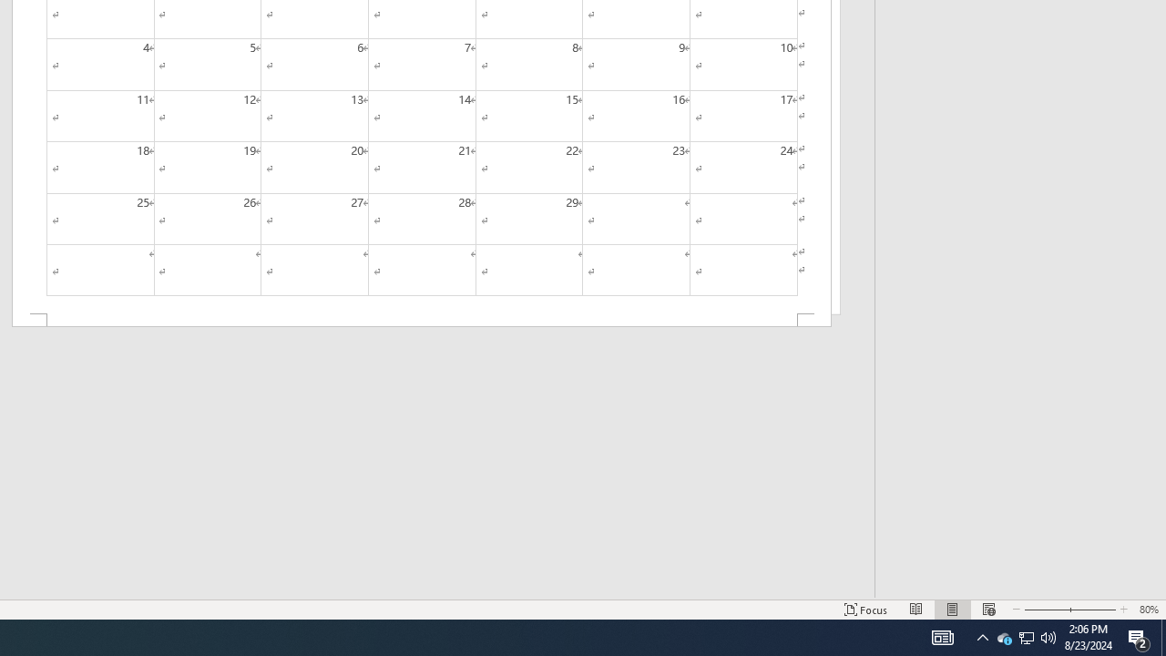  What do you see at coordinates (420, 319) in the screenshot?
I see `'Footer -Section 2-'` at bounding box center [420, 319].